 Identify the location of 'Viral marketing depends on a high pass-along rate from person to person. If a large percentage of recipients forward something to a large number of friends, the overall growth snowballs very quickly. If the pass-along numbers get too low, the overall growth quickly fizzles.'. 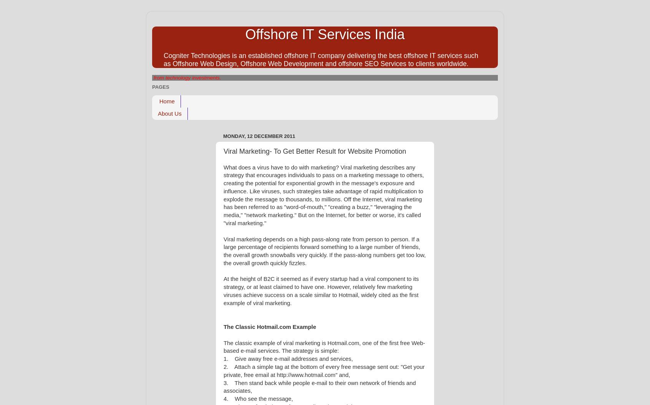
(223, 251).